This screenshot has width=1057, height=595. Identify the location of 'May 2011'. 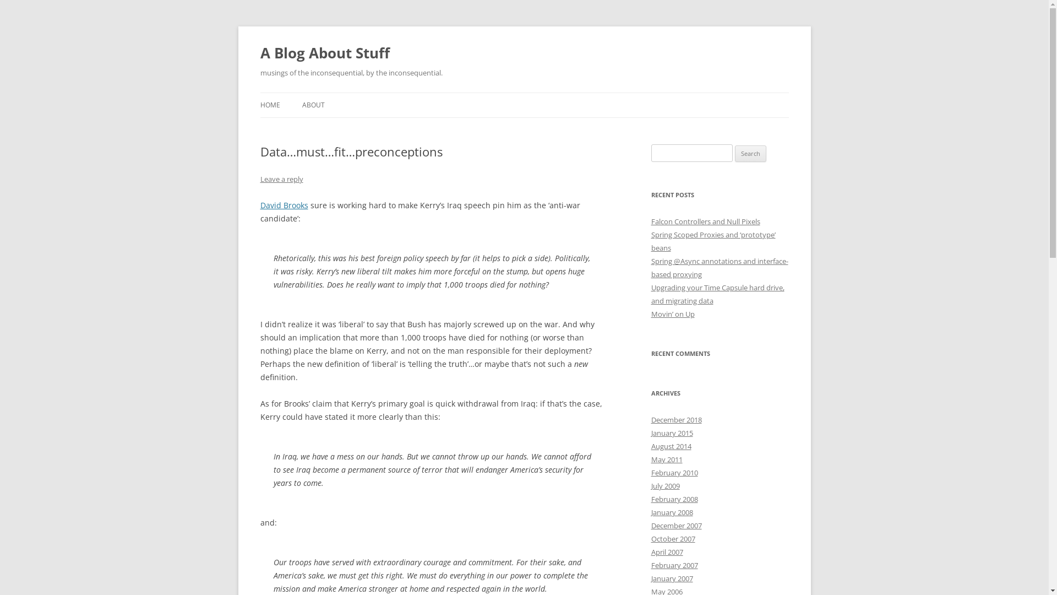
(666, 459).